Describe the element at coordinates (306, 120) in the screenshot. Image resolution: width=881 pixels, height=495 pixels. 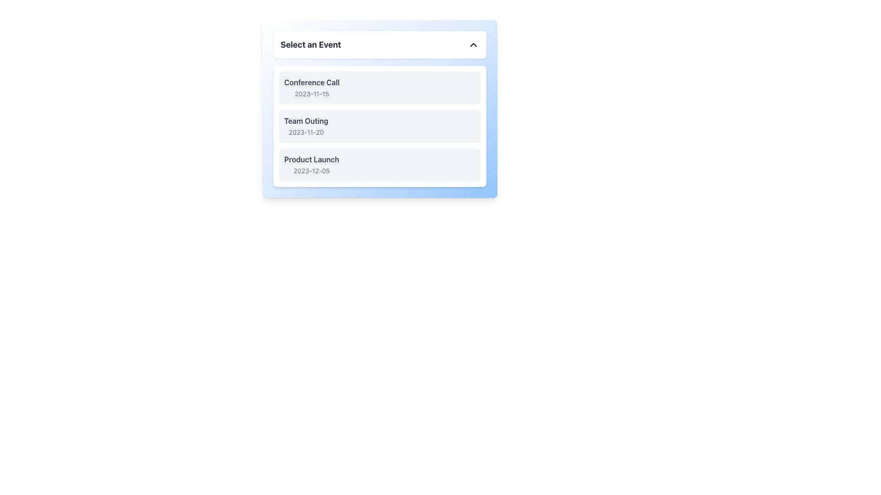
I see `the 'Team Outing' text label in the dropdown list, which is styled with bold font weight and gray color, located under the title 'Select an Event'` at that location.